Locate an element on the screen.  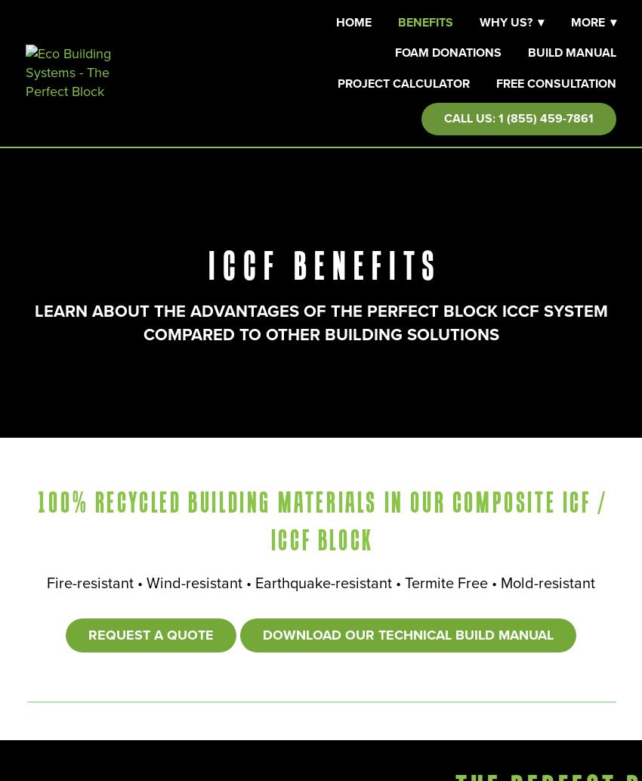
'Project Calculator' is located at coordinates (402, 82).